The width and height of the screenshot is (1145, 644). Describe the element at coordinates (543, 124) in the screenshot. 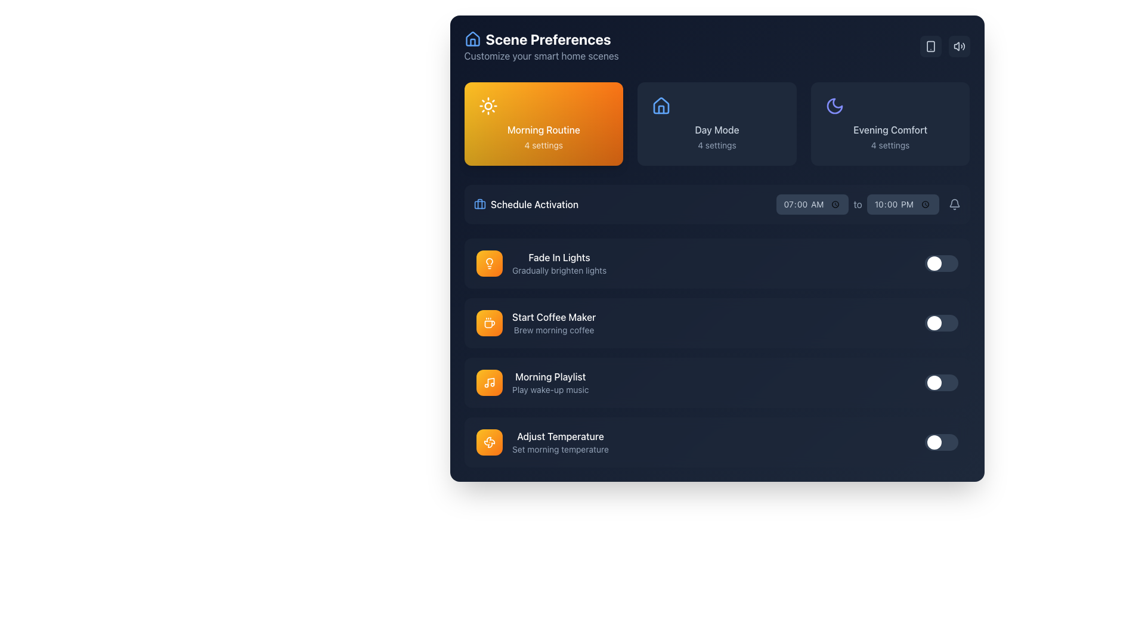

I see `the text block labeled 'Morning Routine' with the additional details about its settings, which is styled with white text on an orange gradient background` at that location.